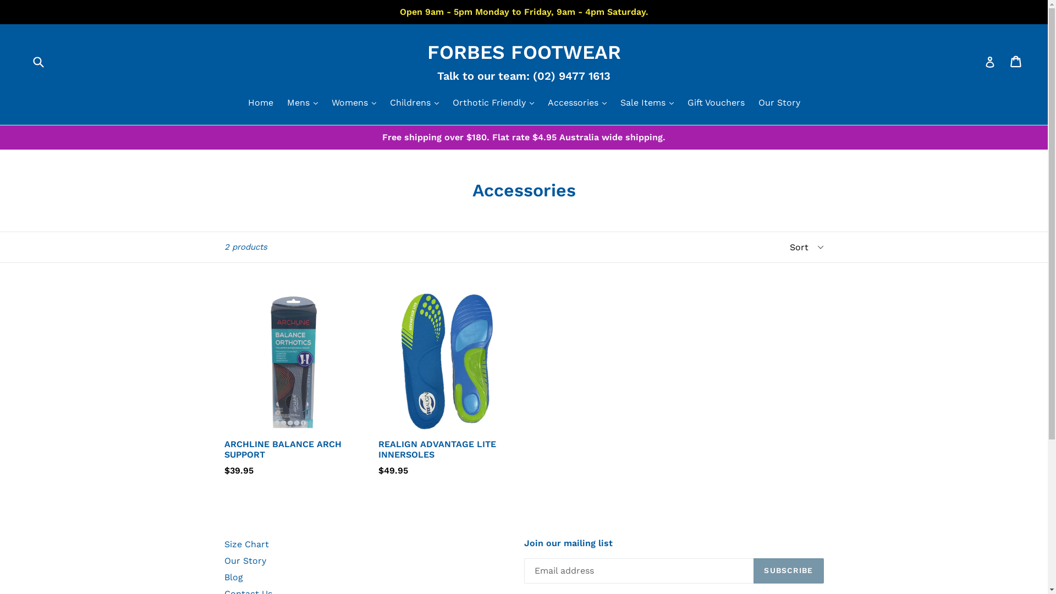 The image size is (1056, 594). What do you see at coordinates (37, 62) in the screenshot?
I see `'Submit'` at bounding box center [37, 62].